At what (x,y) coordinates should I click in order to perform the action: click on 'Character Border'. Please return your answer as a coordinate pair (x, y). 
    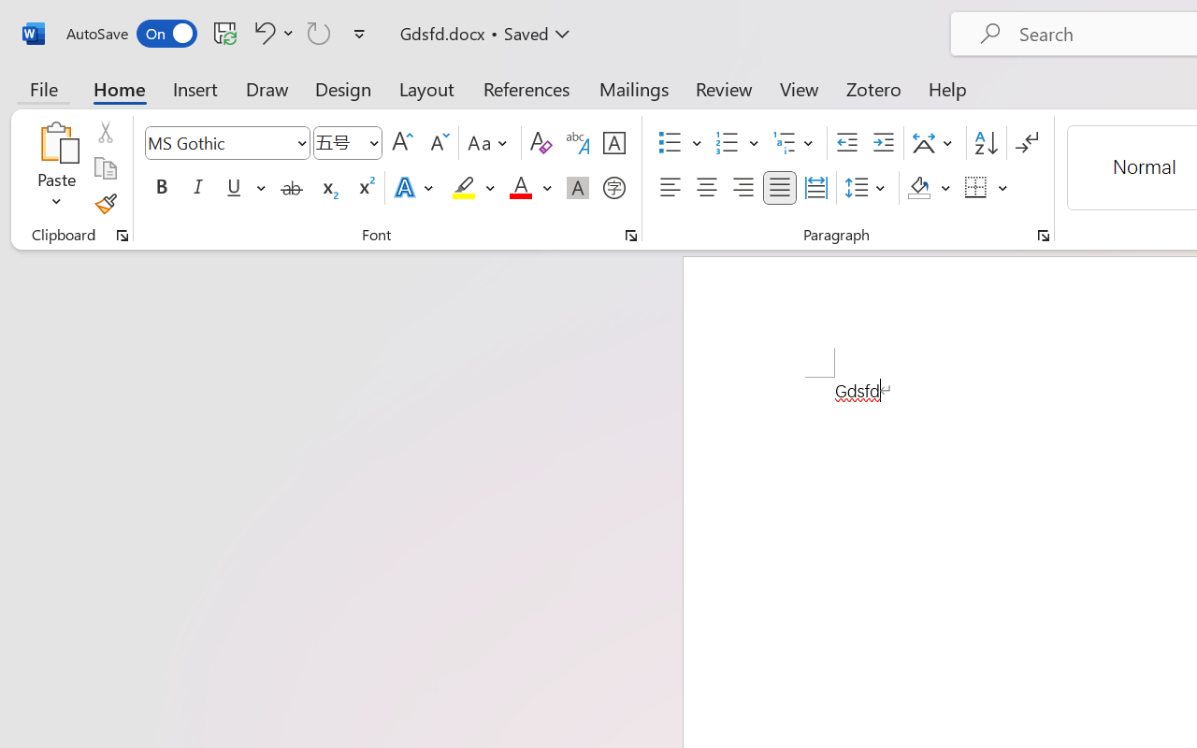
    Looking at the image, I should click on (613, 143).